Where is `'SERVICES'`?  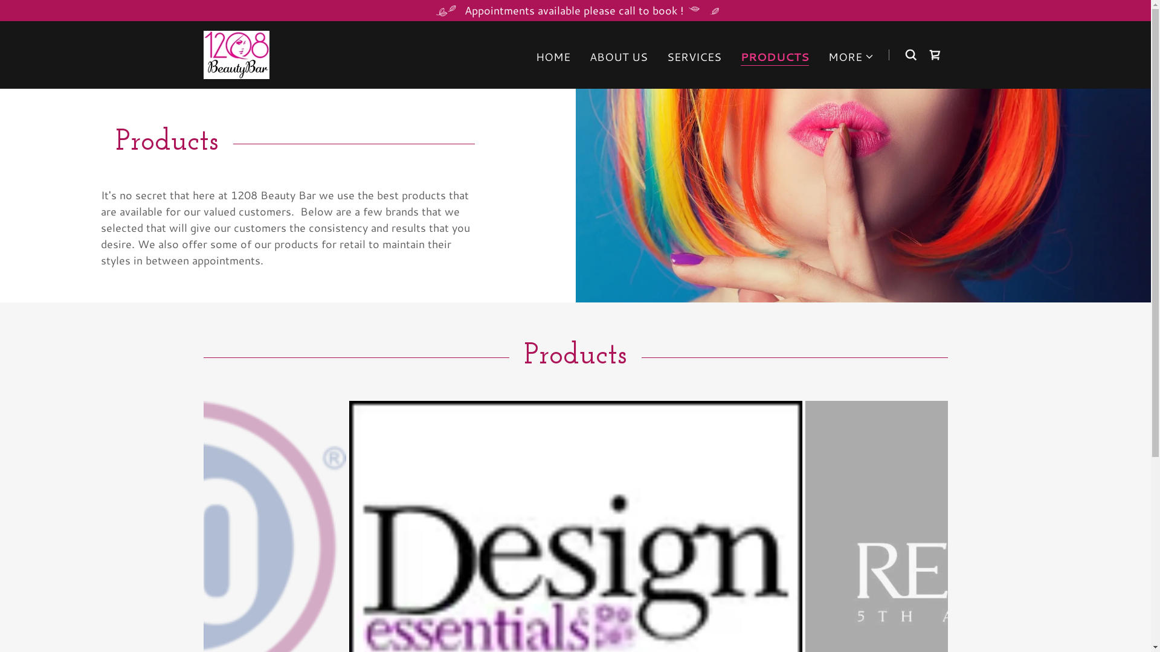 'SERVICES' is located at coordinates (694, 56).